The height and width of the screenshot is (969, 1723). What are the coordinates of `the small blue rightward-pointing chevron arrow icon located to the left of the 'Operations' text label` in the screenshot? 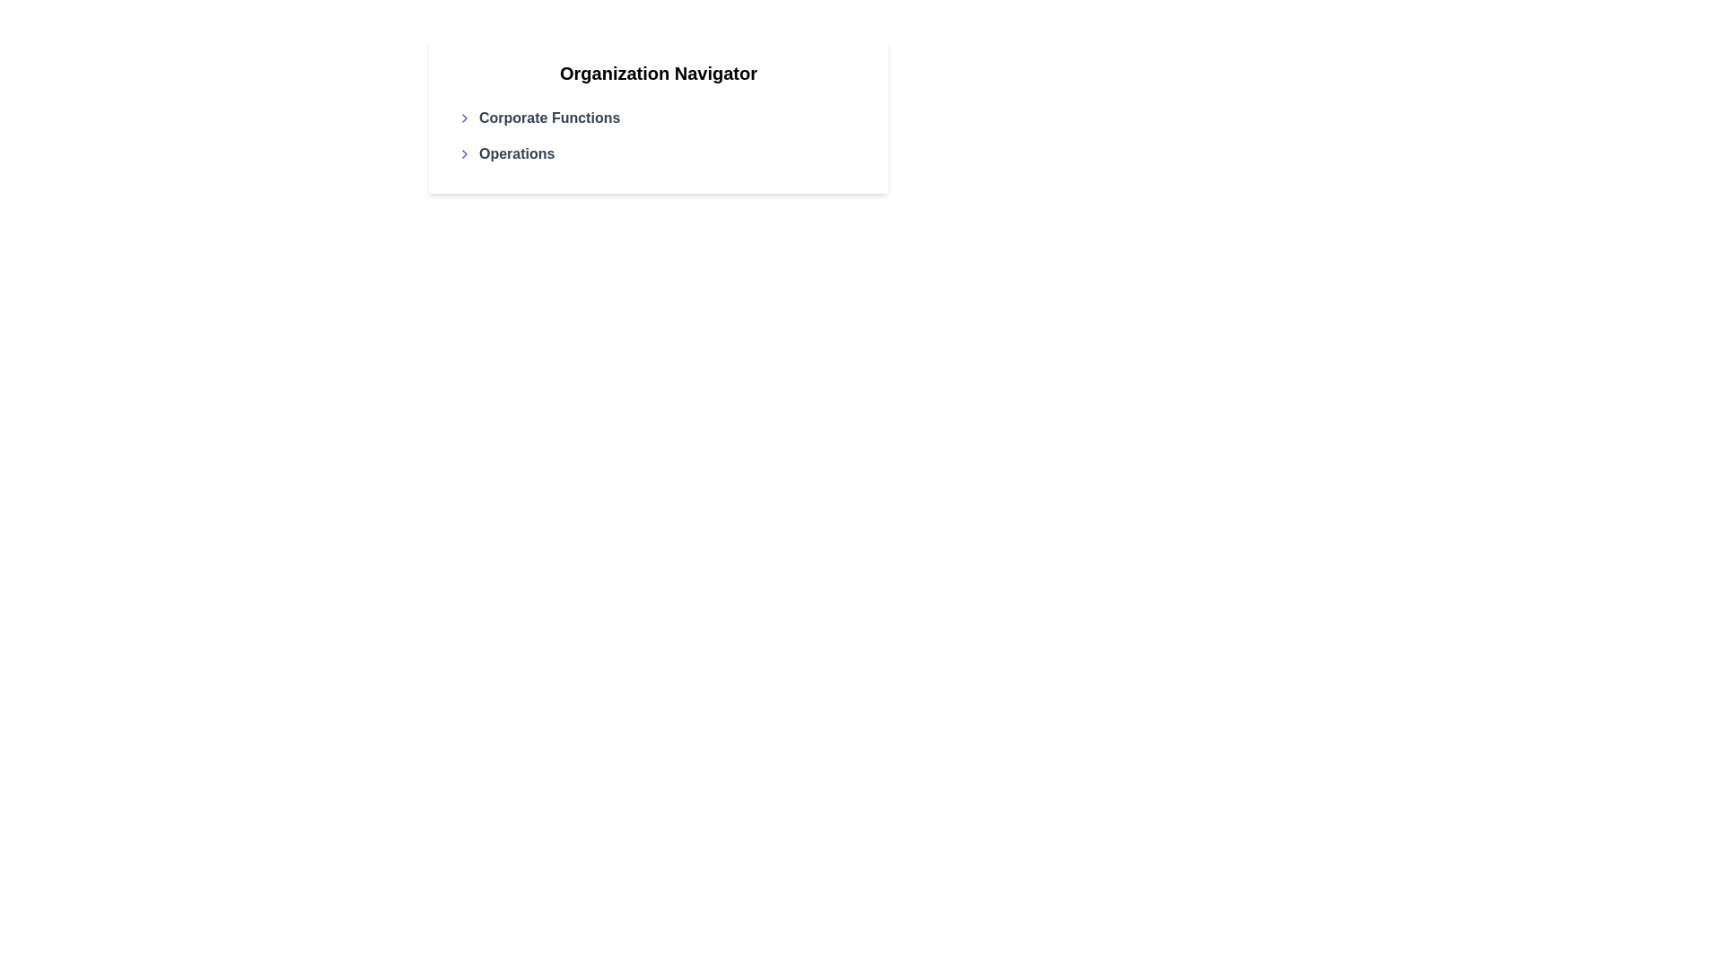 It's located at (465, 153).